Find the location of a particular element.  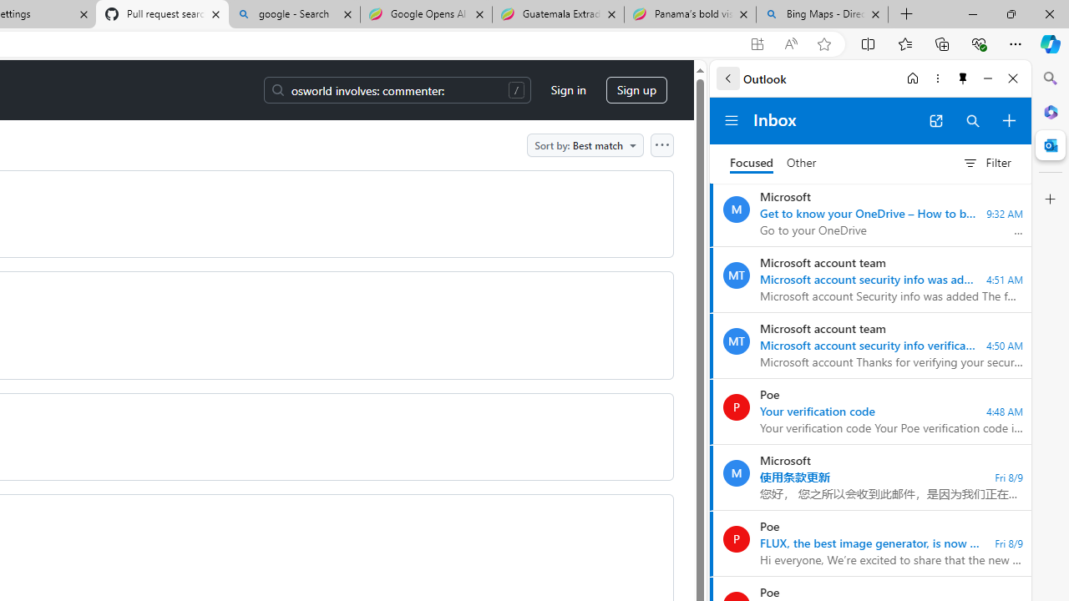

'Google Opens AI Academy for Startups - Nearshore Americas' is located at coordinates (426, 14).